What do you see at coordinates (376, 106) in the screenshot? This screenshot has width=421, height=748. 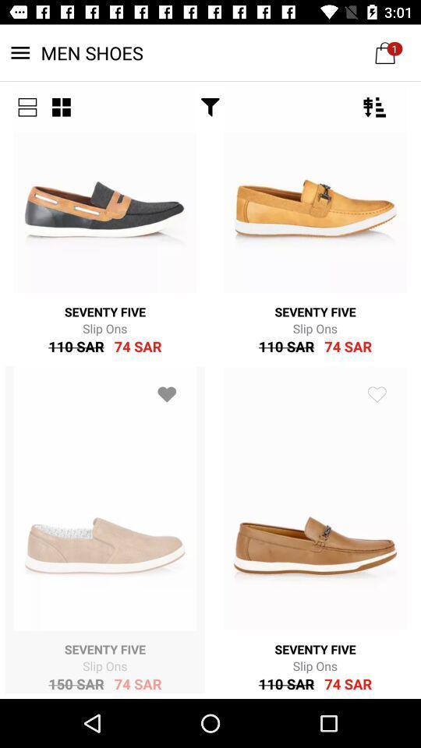 I see `the filter_list icon` at bounding box center [376, 106].